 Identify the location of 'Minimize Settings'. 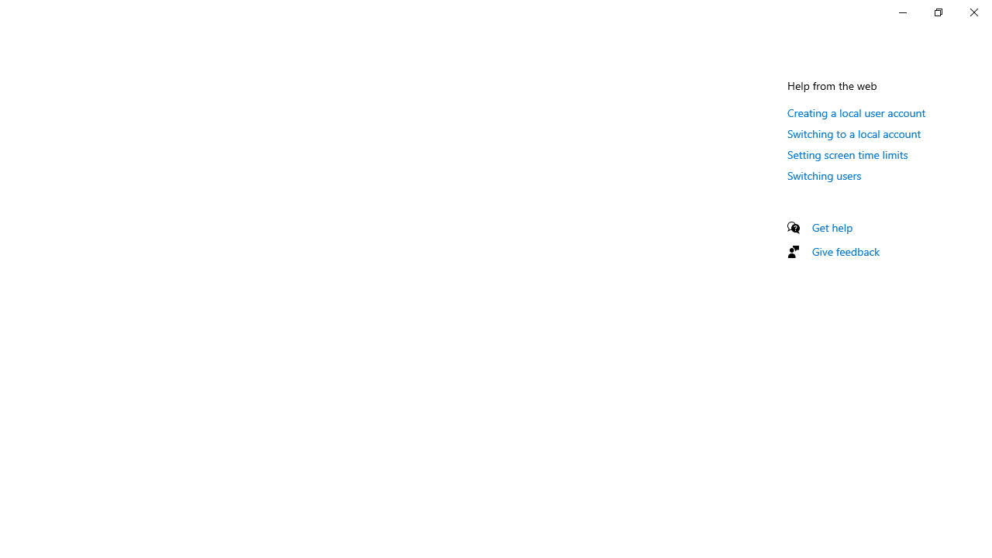
(902, 12).